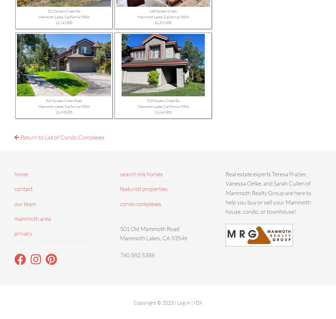  I want to click on 'search mls homes', so click(141, 173).